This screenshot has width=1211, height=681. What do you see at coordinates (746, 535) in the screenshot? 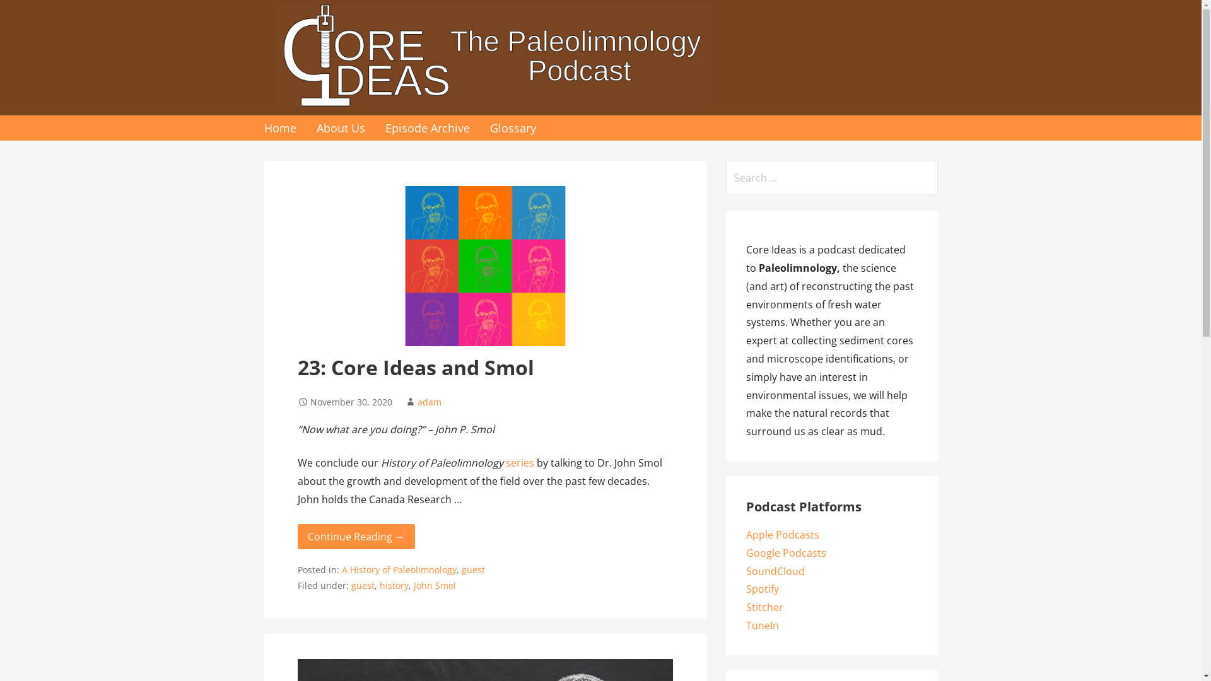
I see `'Apple Podcasts'` at bounding box center [746, 535].